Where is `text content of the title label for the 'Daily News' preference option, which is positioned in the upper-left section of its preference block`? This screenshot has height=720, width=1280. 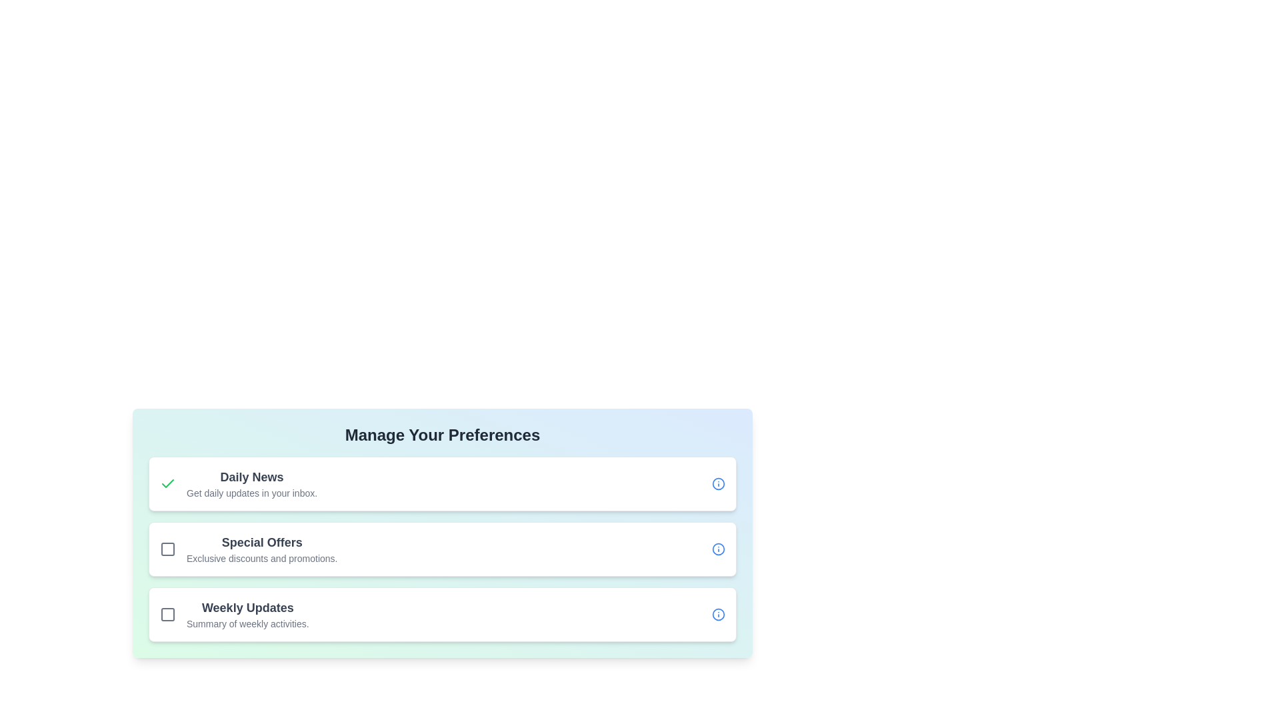 text content of the title label for the 'Daily News' preference option, which is positioned in the upper-left section of its preference block is located at coordinates (252, 477).